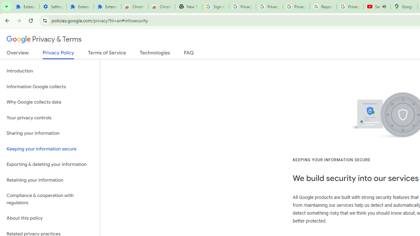 This screenshot has height=236, width=420. What do you see at coordinates (215, 7) in the screenshot?
I see `'Sign in - Google Accounts'` at bounding box center [215, 7].